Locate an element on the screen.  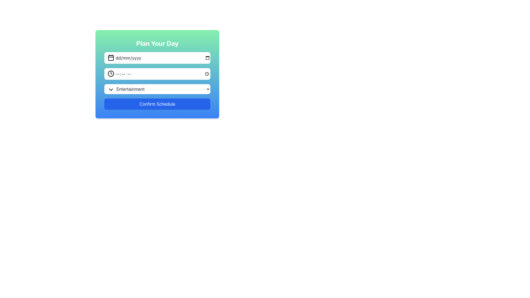
the dropdown menu toggle (arrow icon) located to the left of the 'Entertainment' option in the 'Plan Your Day' form is located at coordinates (111, 89).